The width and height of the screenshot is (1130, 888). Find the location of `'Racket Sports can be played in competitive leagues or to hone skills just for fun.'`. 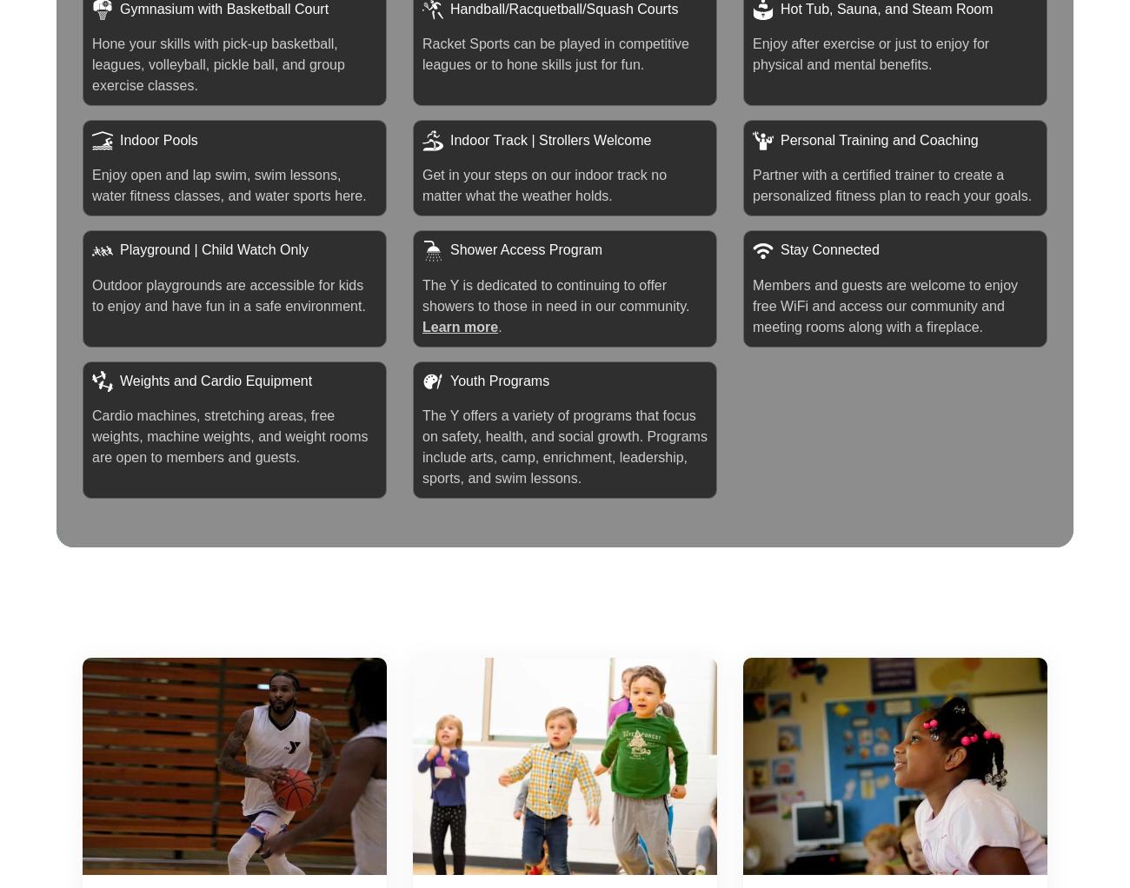

'Racket Sports can be played in competitive leagues or to hone skills just for fun.' is located at coordinates (555, 54).